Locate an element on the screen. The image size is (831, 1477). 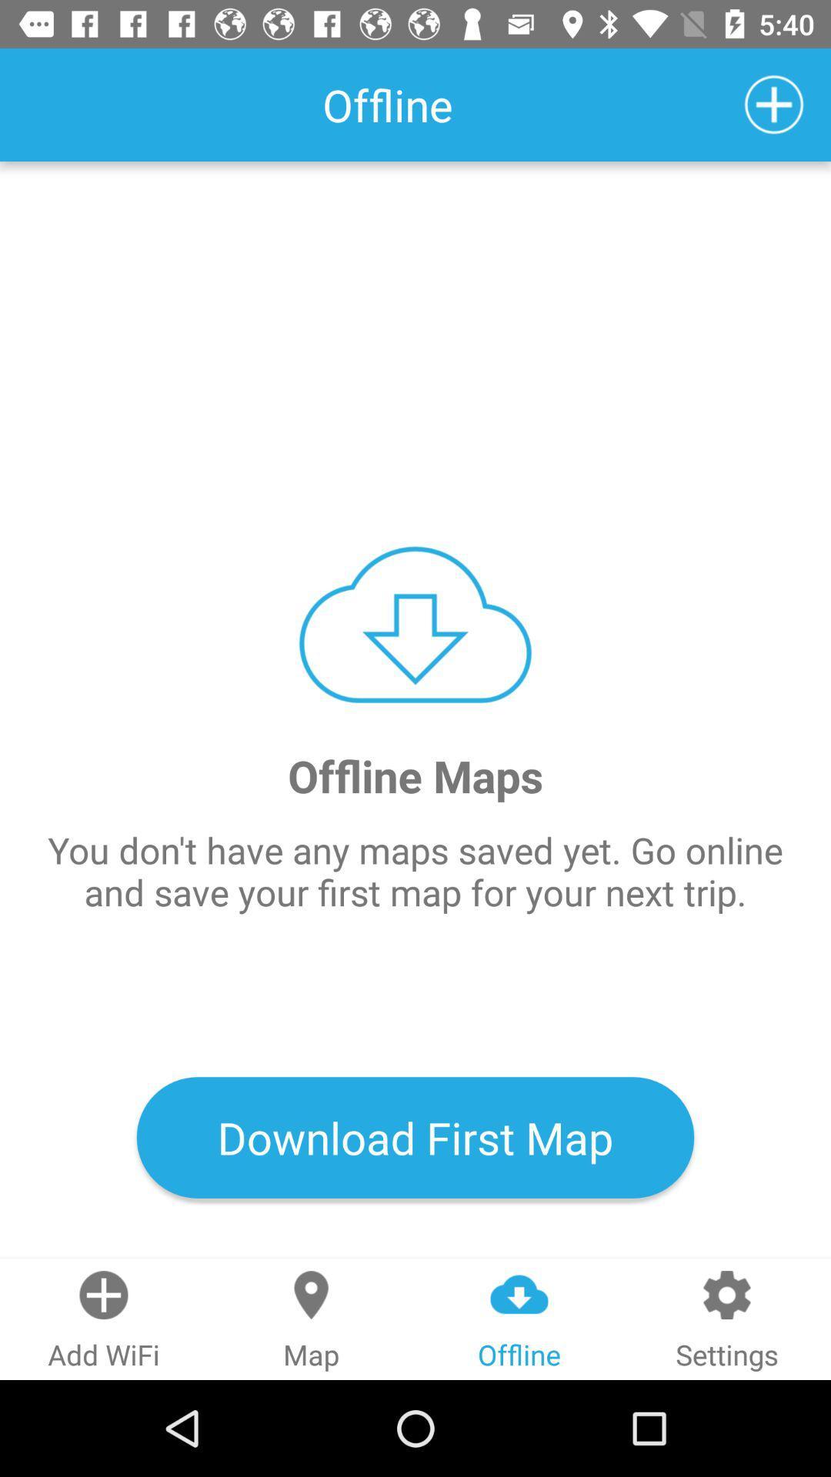
download first map is located at coordinates (415, 1137).